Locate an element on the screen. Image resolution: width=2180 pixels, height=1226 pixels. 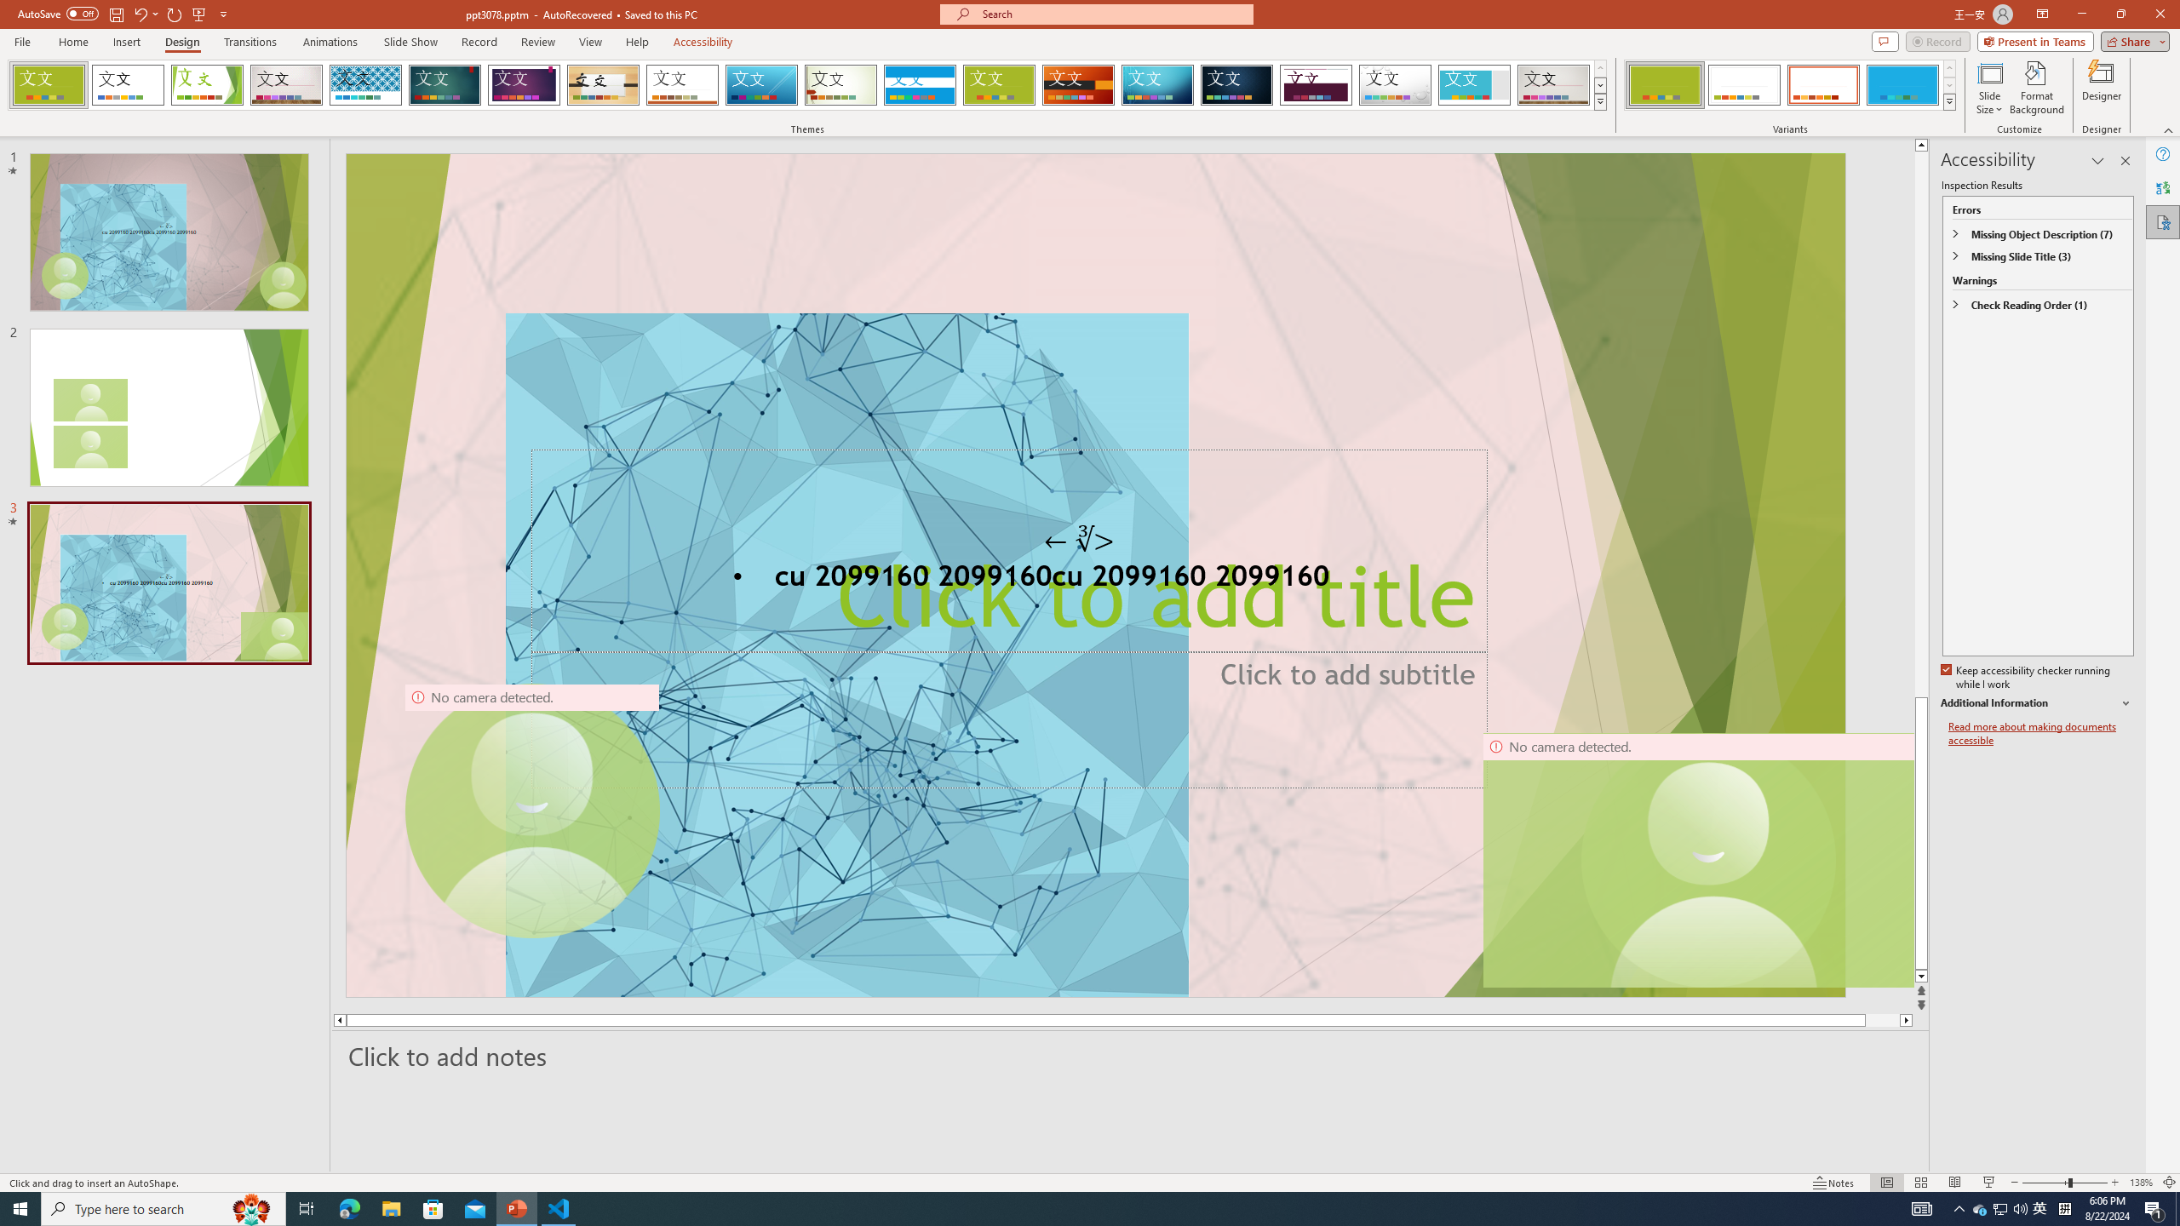
'Facet' is located at coordinates (206, 84).